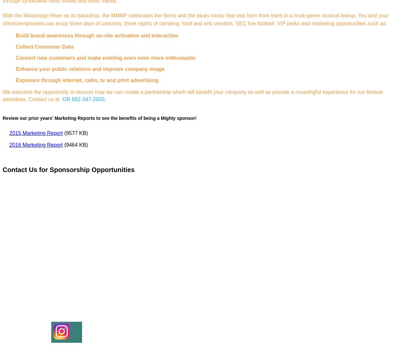 Image resolution: width=394 pixels, height=349 pixels. What do you see at coordinates (84, 99) in the screenshot?
I see `'OR 662-347-2920.'` at bounding box center [84, 99].